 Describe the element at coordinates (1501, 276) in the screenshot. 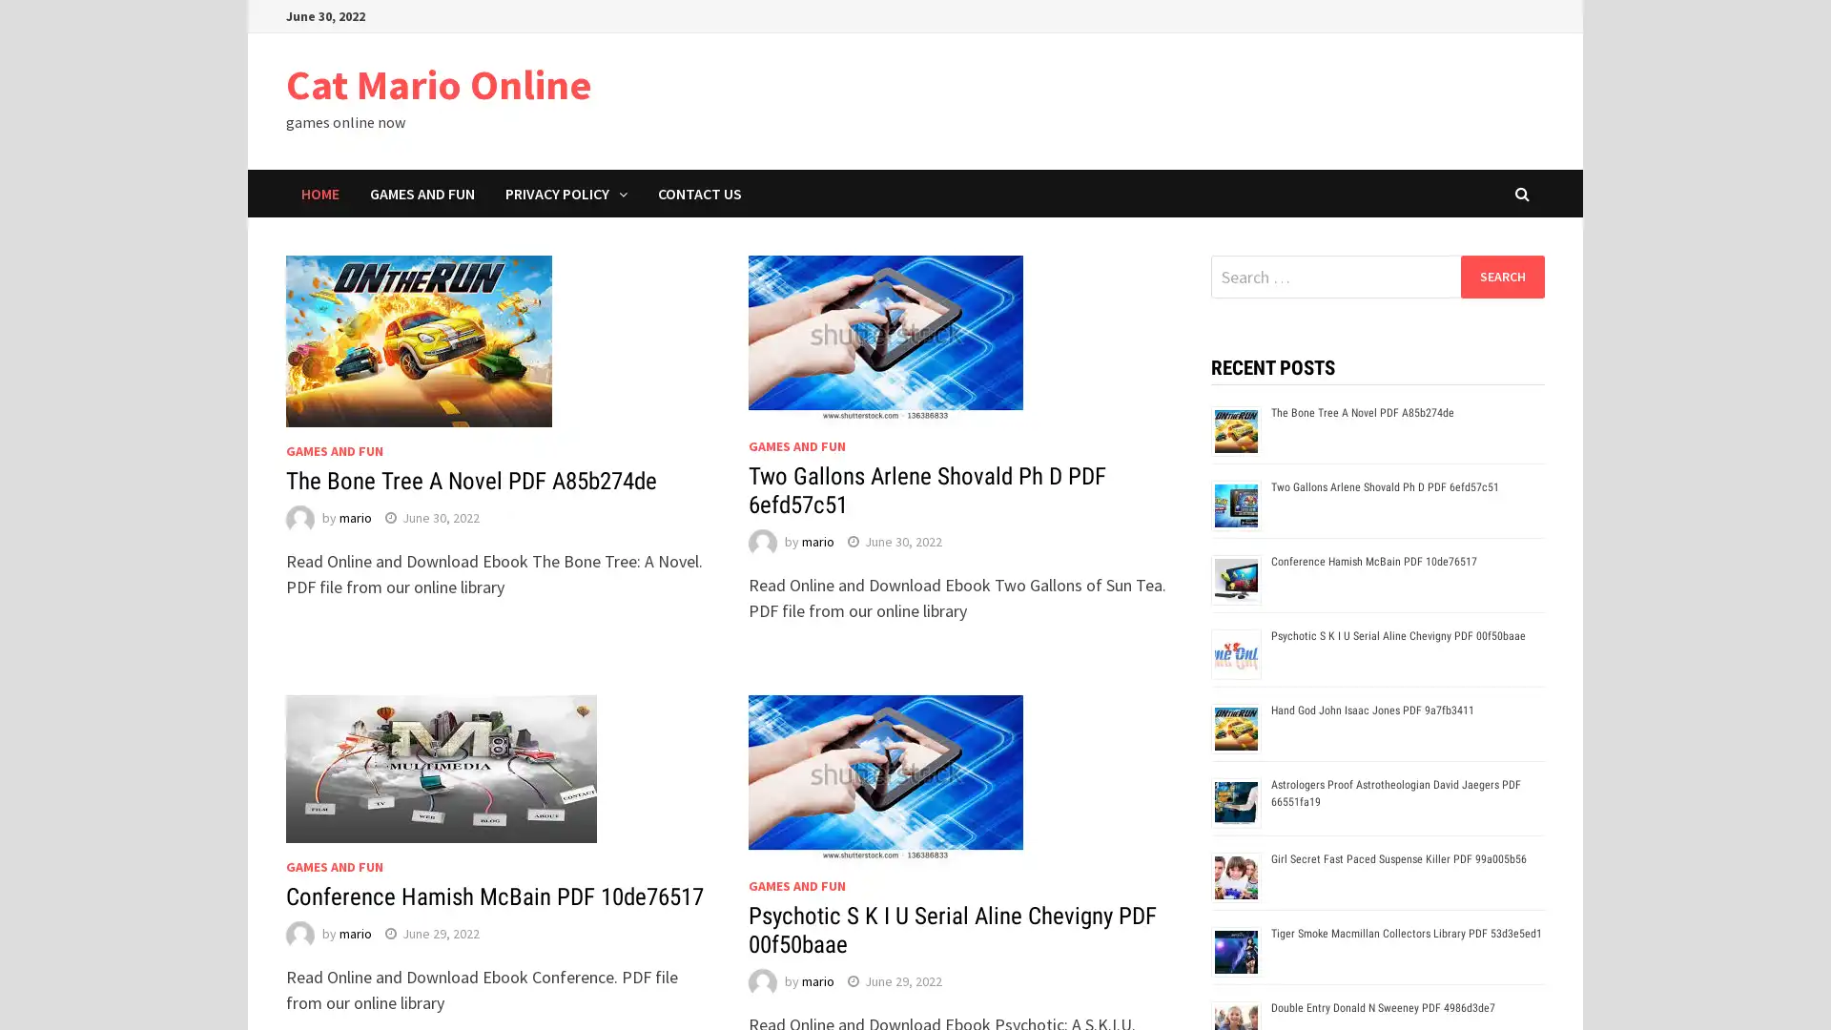

I see `Search` at that location.